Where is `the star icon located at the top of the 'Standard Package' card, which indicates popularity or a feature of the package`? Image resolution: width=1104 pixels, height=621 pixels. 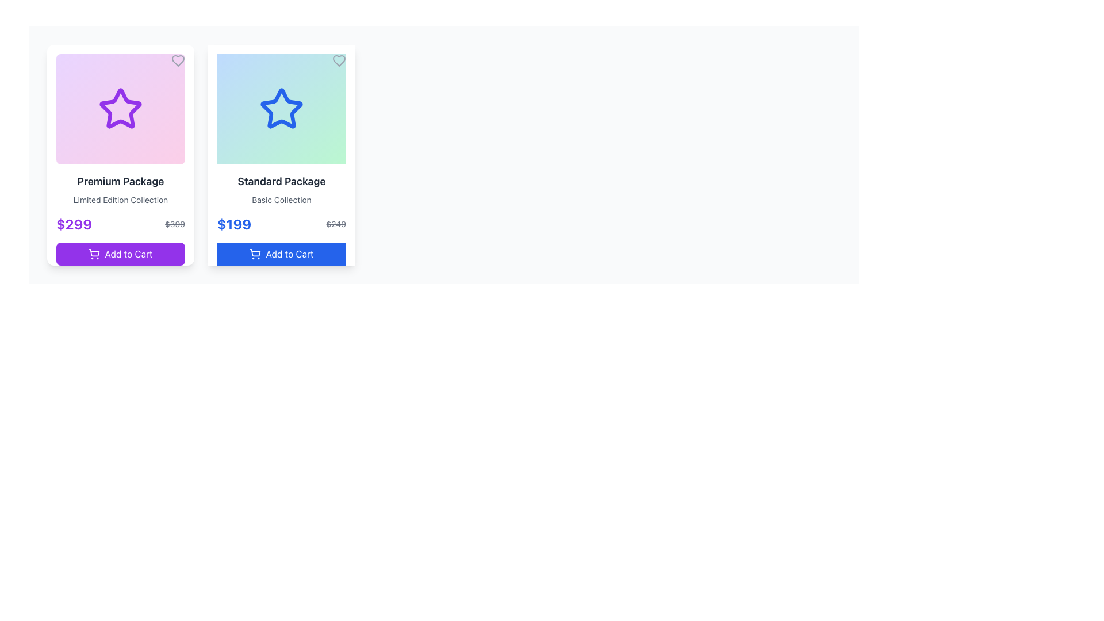
the star icon located at the top of the 'Standard Package' card, which indicates popularity or a feature of the package is located at coordinates (281, 108).